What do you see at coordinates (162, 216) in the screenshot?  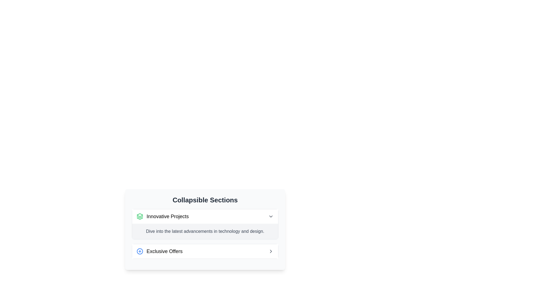 I see `the title text for the subsection 'Innovative Projects'` at bounding box center [162, 216].